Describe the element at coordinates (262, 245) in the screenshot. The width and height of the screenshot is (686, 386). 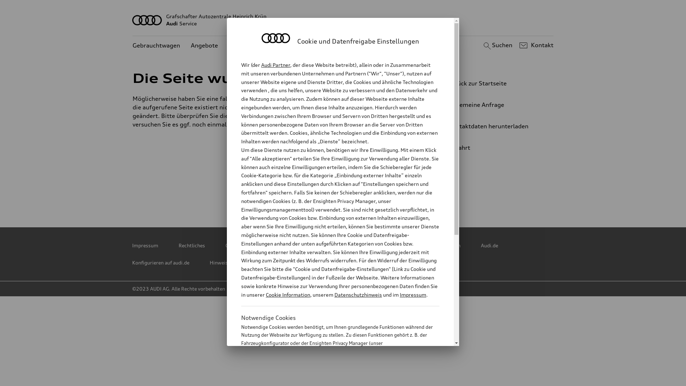
I see `'Copyright & Haftungsausschluss'` at that location.